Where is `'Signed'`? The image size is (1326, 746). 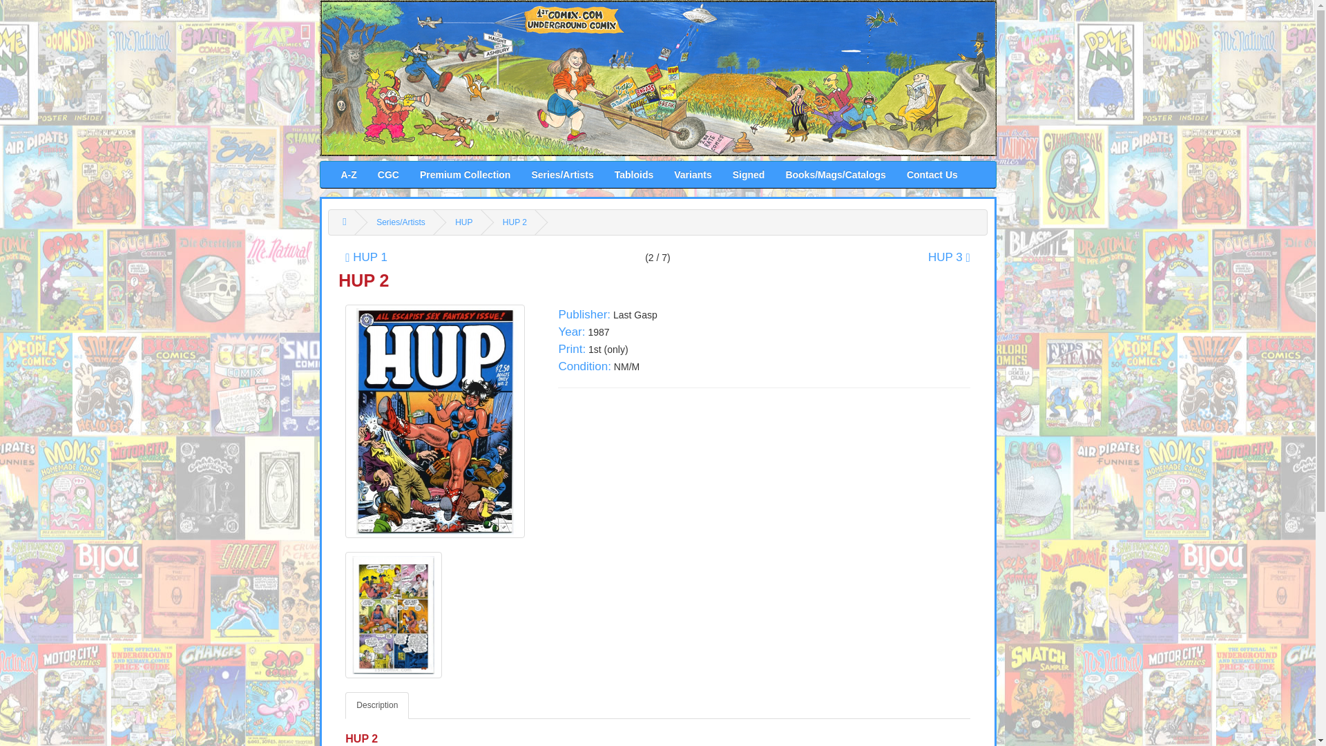 'Signed' is located at coordinates (722, 173).